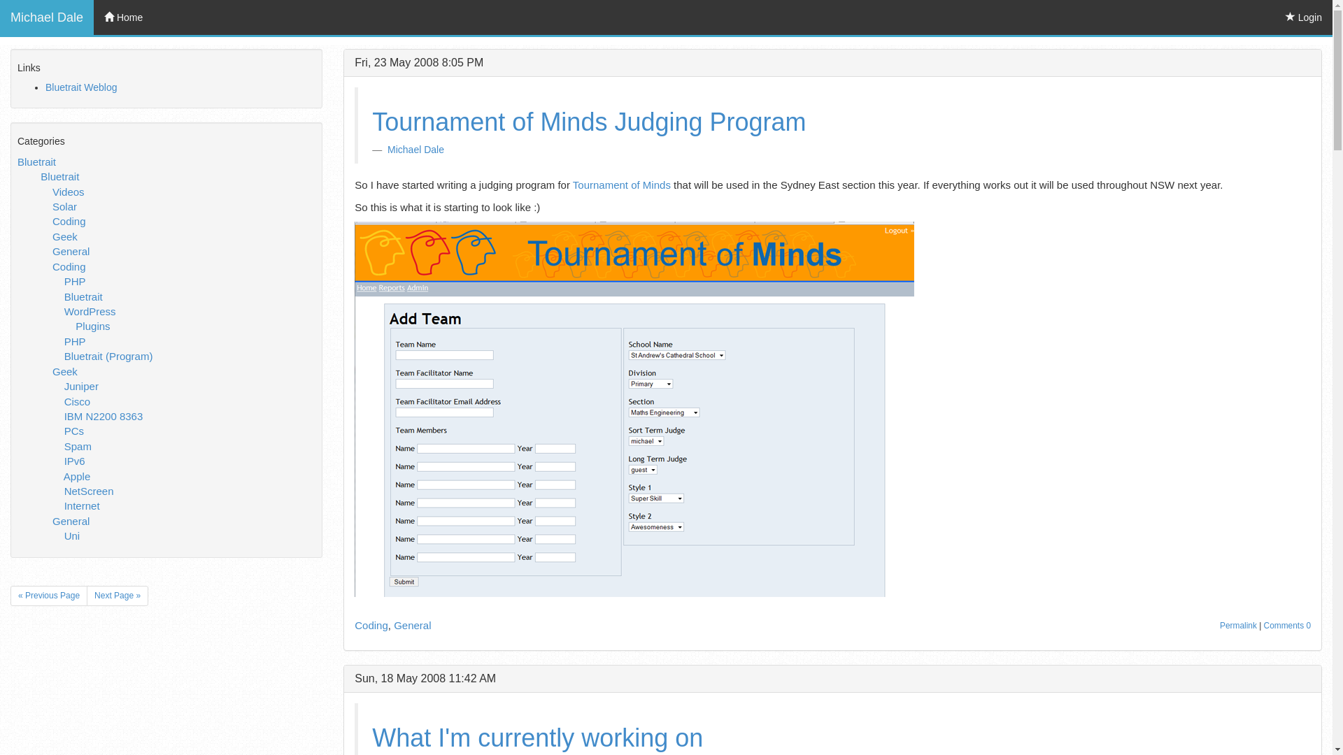 The width and height of the screenshot is (1343, 755). Describe the element at coordinates (63, 310) in the screenshot. I see `'WordPress'` at that location.